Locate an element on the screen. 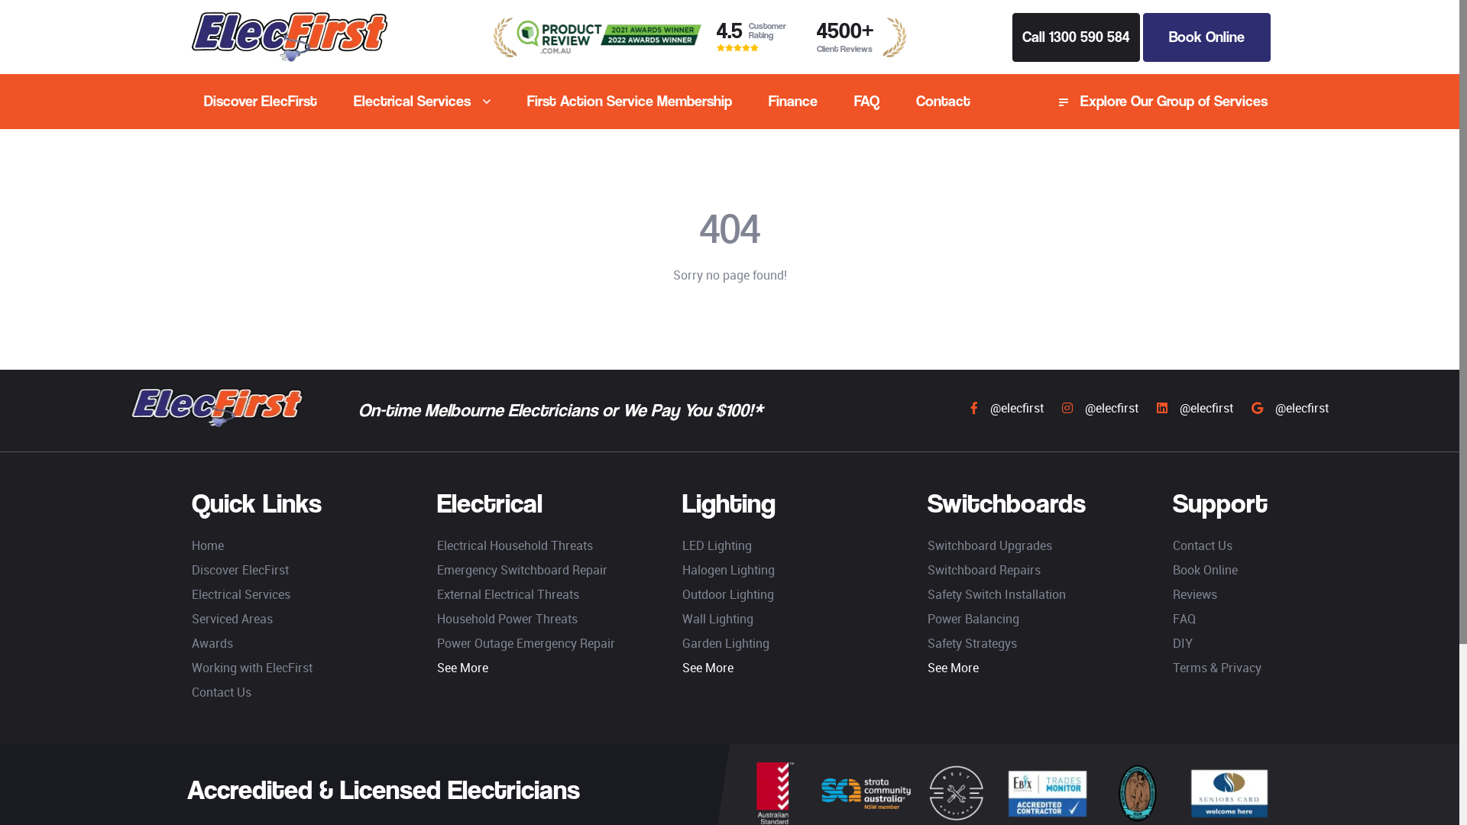 The width and height of the screenshot is (1467, 825). 'Contact Us' is located at coordinates (220, 692).